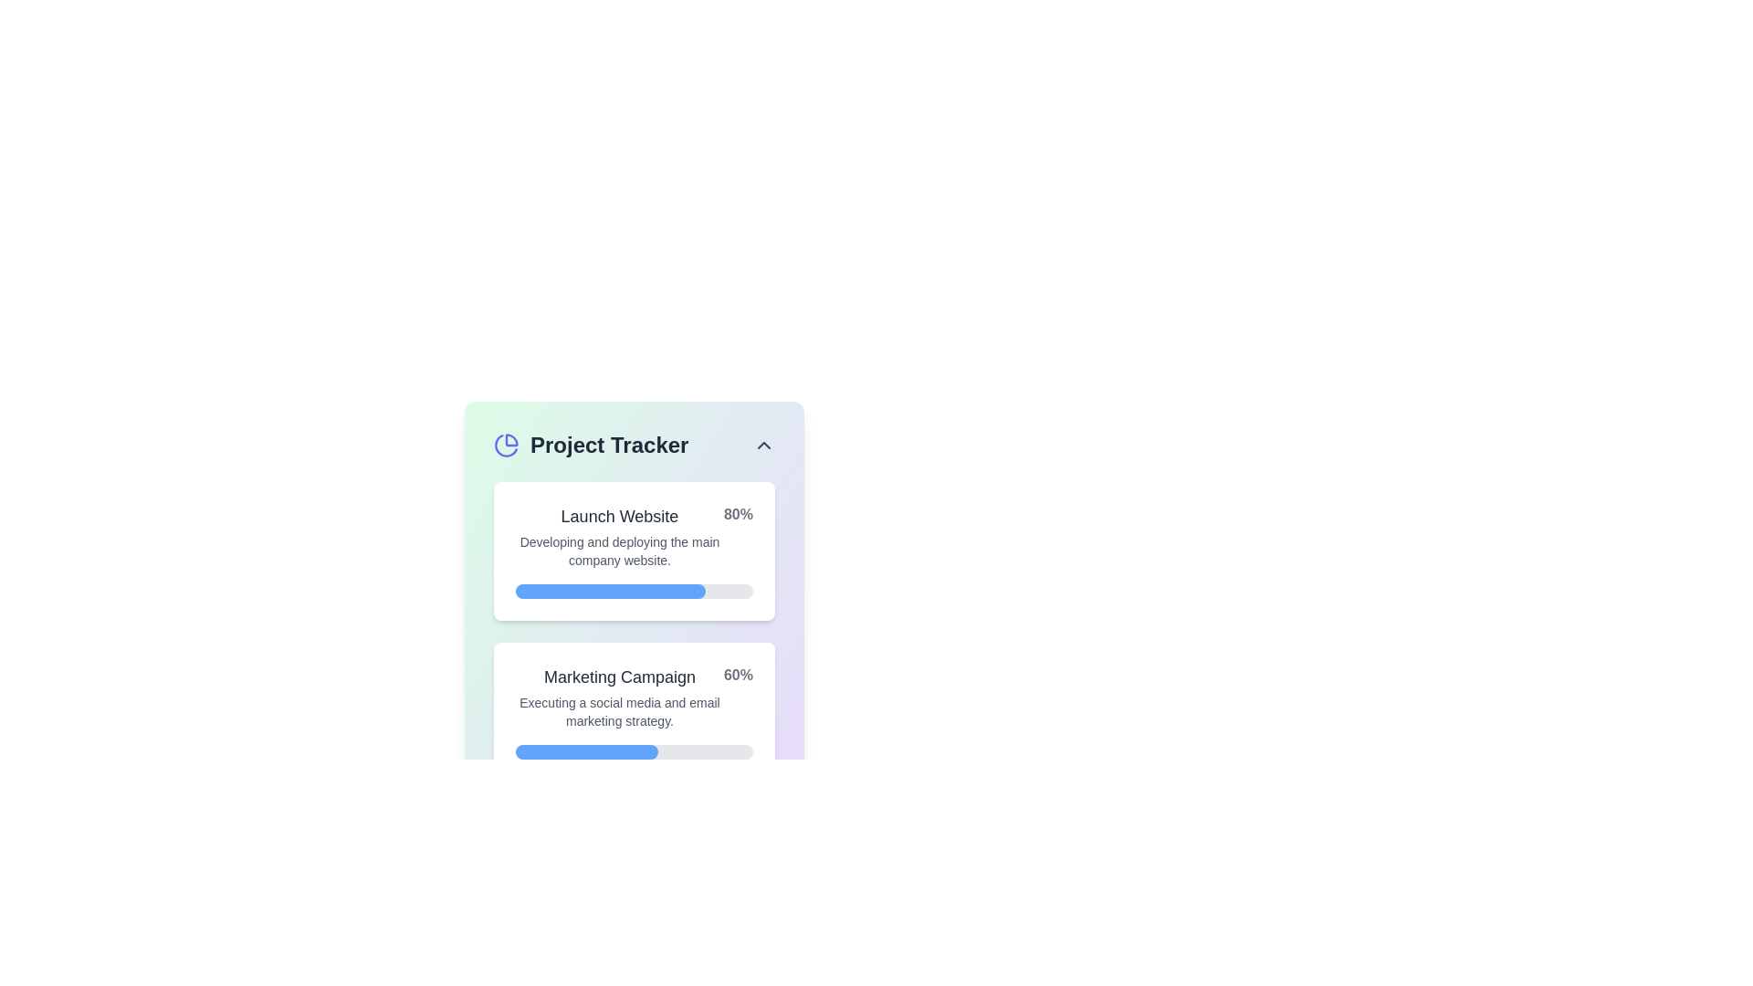  Describe the element at coordinates (635, 446) in the screenshot. I see `the Label (Header) that serves as the title for the project tracker section, located at the top of the main content card` at that location.